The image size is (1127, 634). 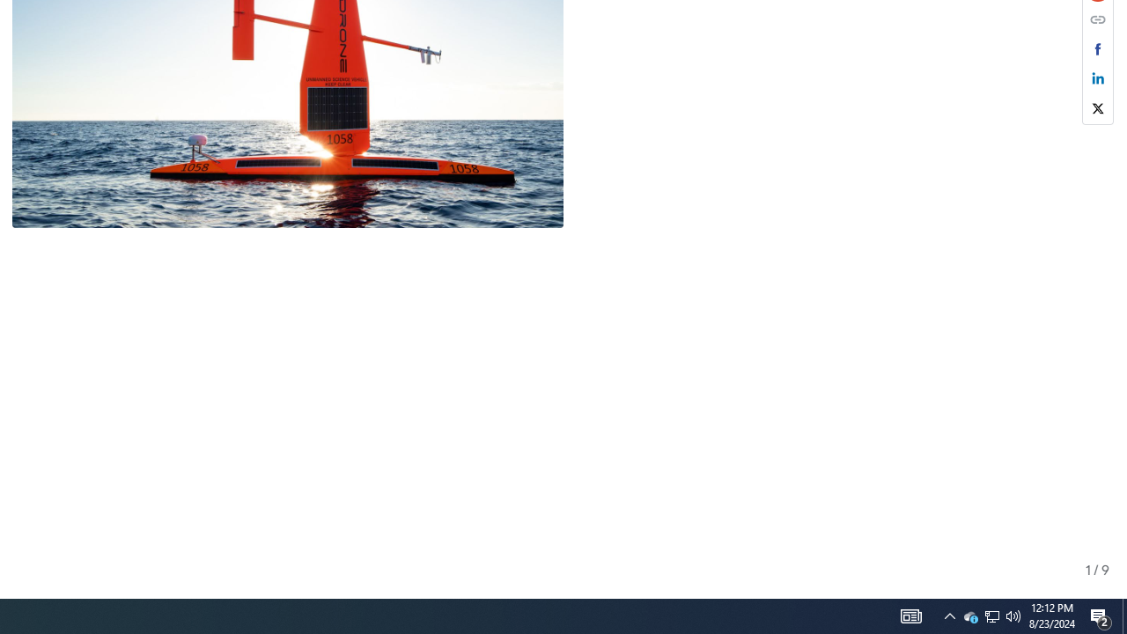 What do you see at coordinates (1101, 615) in the screenshot?
I see `'Action Center, 2 new notifications'` at bounding box center [1101, 615].